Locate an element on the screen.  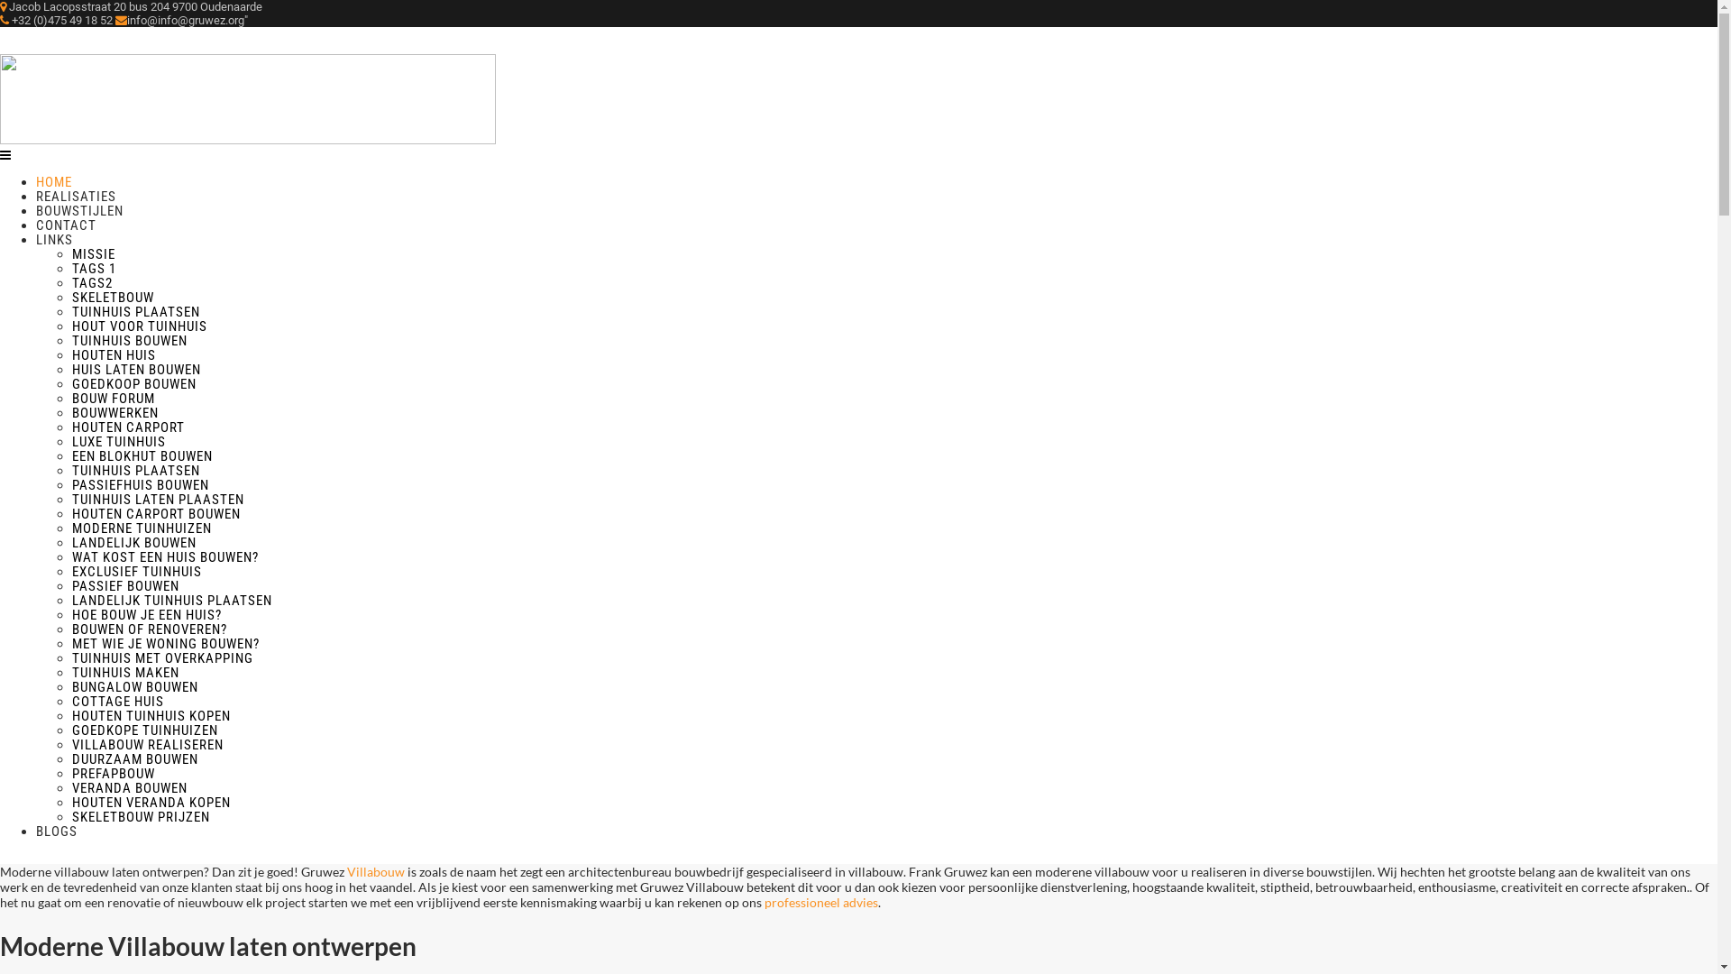
'BOUWEN OF RENOVEREN?' is located at coordinates (150, 629).